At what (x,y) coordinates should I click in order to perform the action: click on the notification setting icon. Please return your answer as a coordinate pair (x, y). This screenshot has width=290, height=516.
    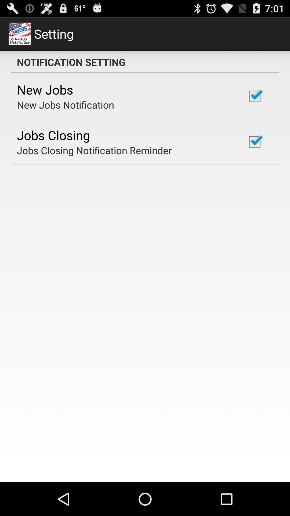
    Looking at the image, I should click on (145, 62).